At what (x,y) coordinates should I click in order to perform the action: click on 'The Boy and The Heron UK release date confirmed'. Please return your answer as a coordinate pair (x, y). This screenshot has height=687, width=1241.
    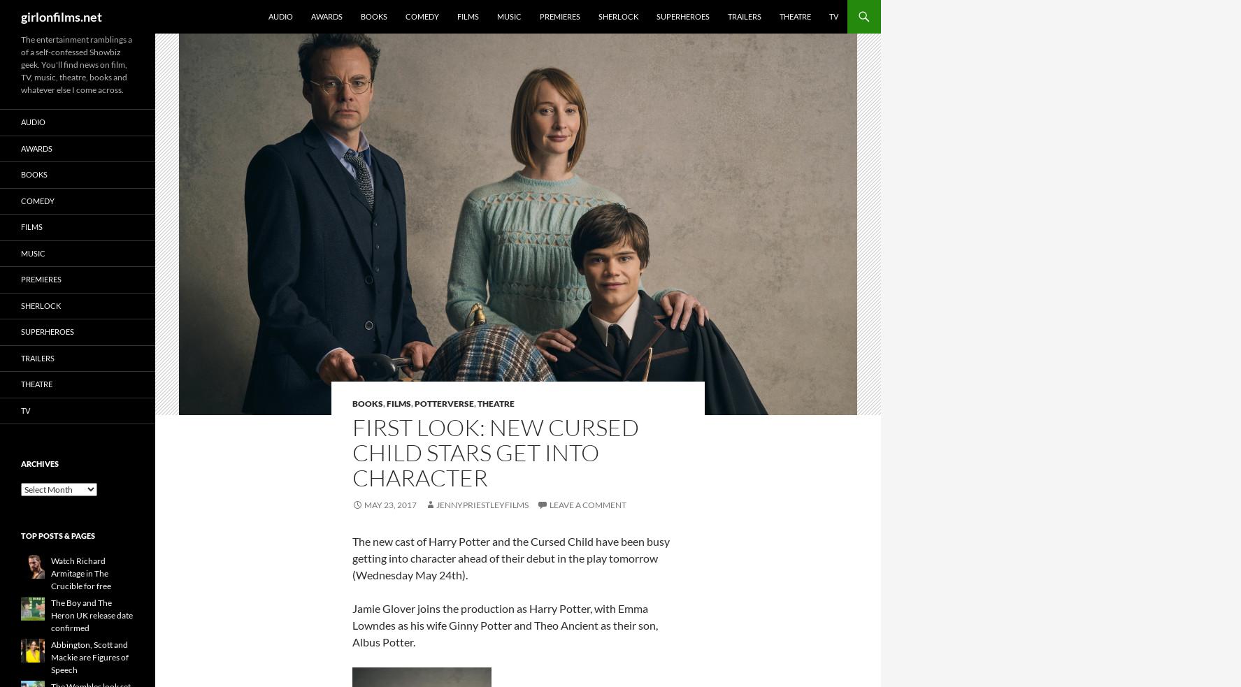
    Looking at the image, I should click on (92, 615).